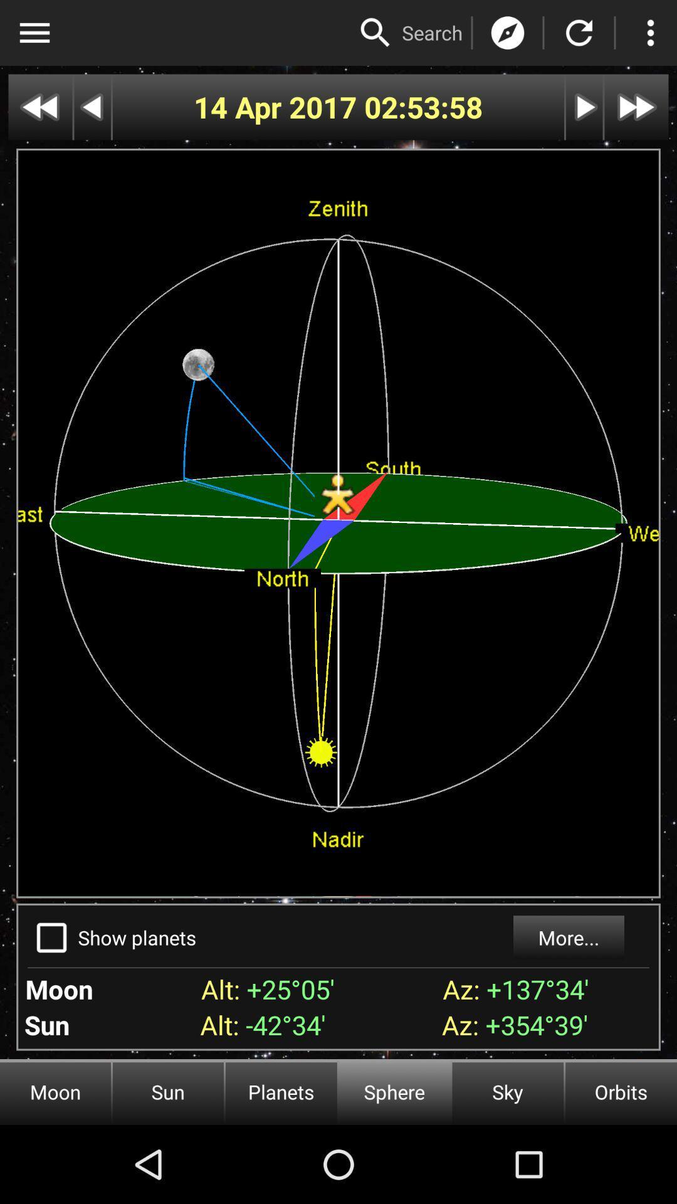  I want to click on any one, so click(375, 33).